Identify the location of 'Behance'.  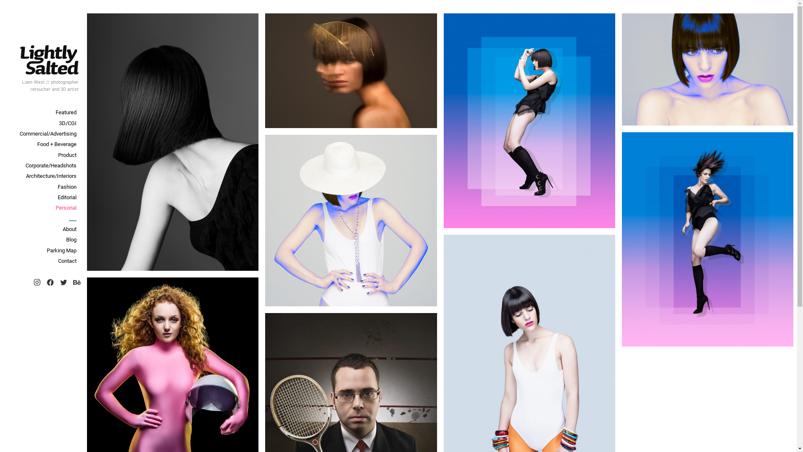
(77, 282).